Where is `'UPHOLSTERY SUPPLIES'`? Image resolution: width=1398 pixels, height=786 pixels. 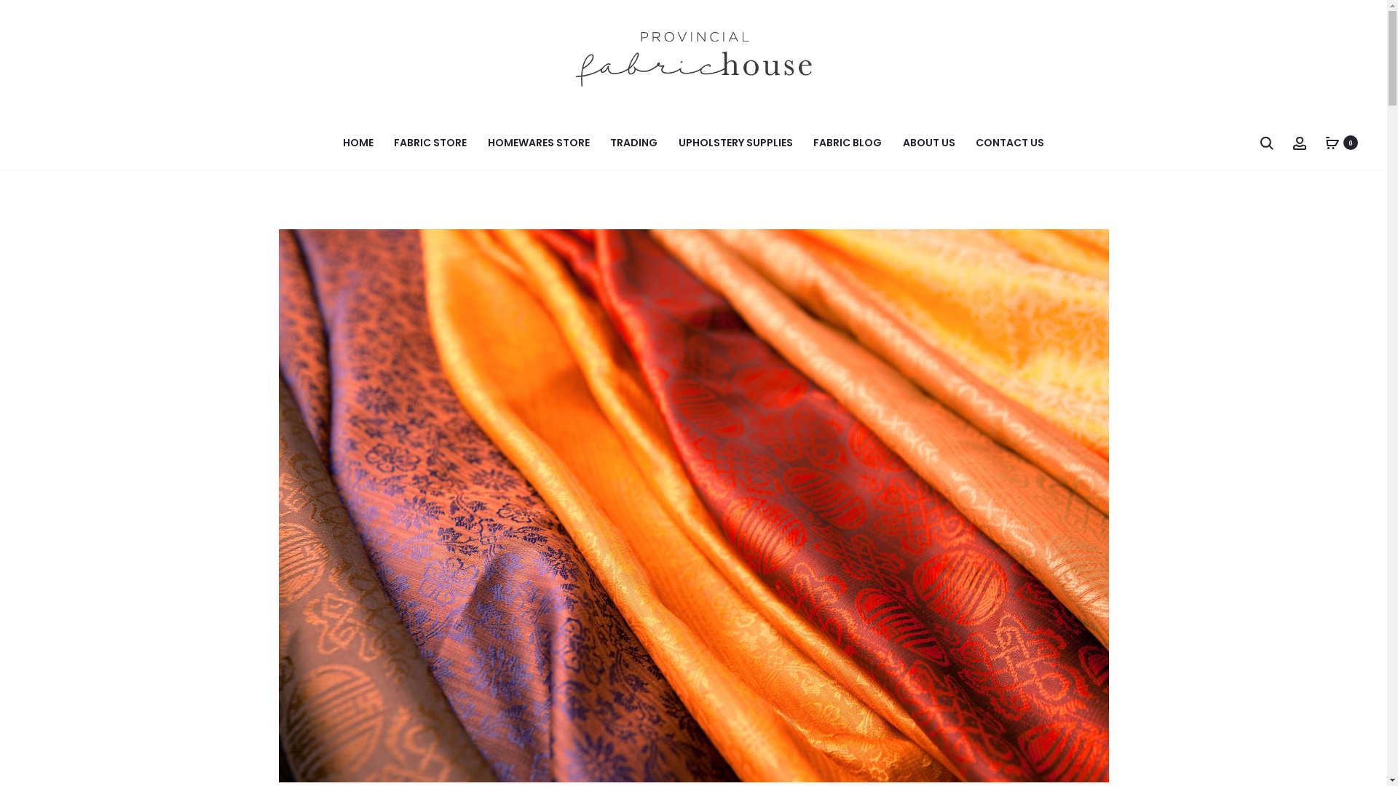
'UPHOLSTERY SUPPLIES' is located at coordinates (735, 143).